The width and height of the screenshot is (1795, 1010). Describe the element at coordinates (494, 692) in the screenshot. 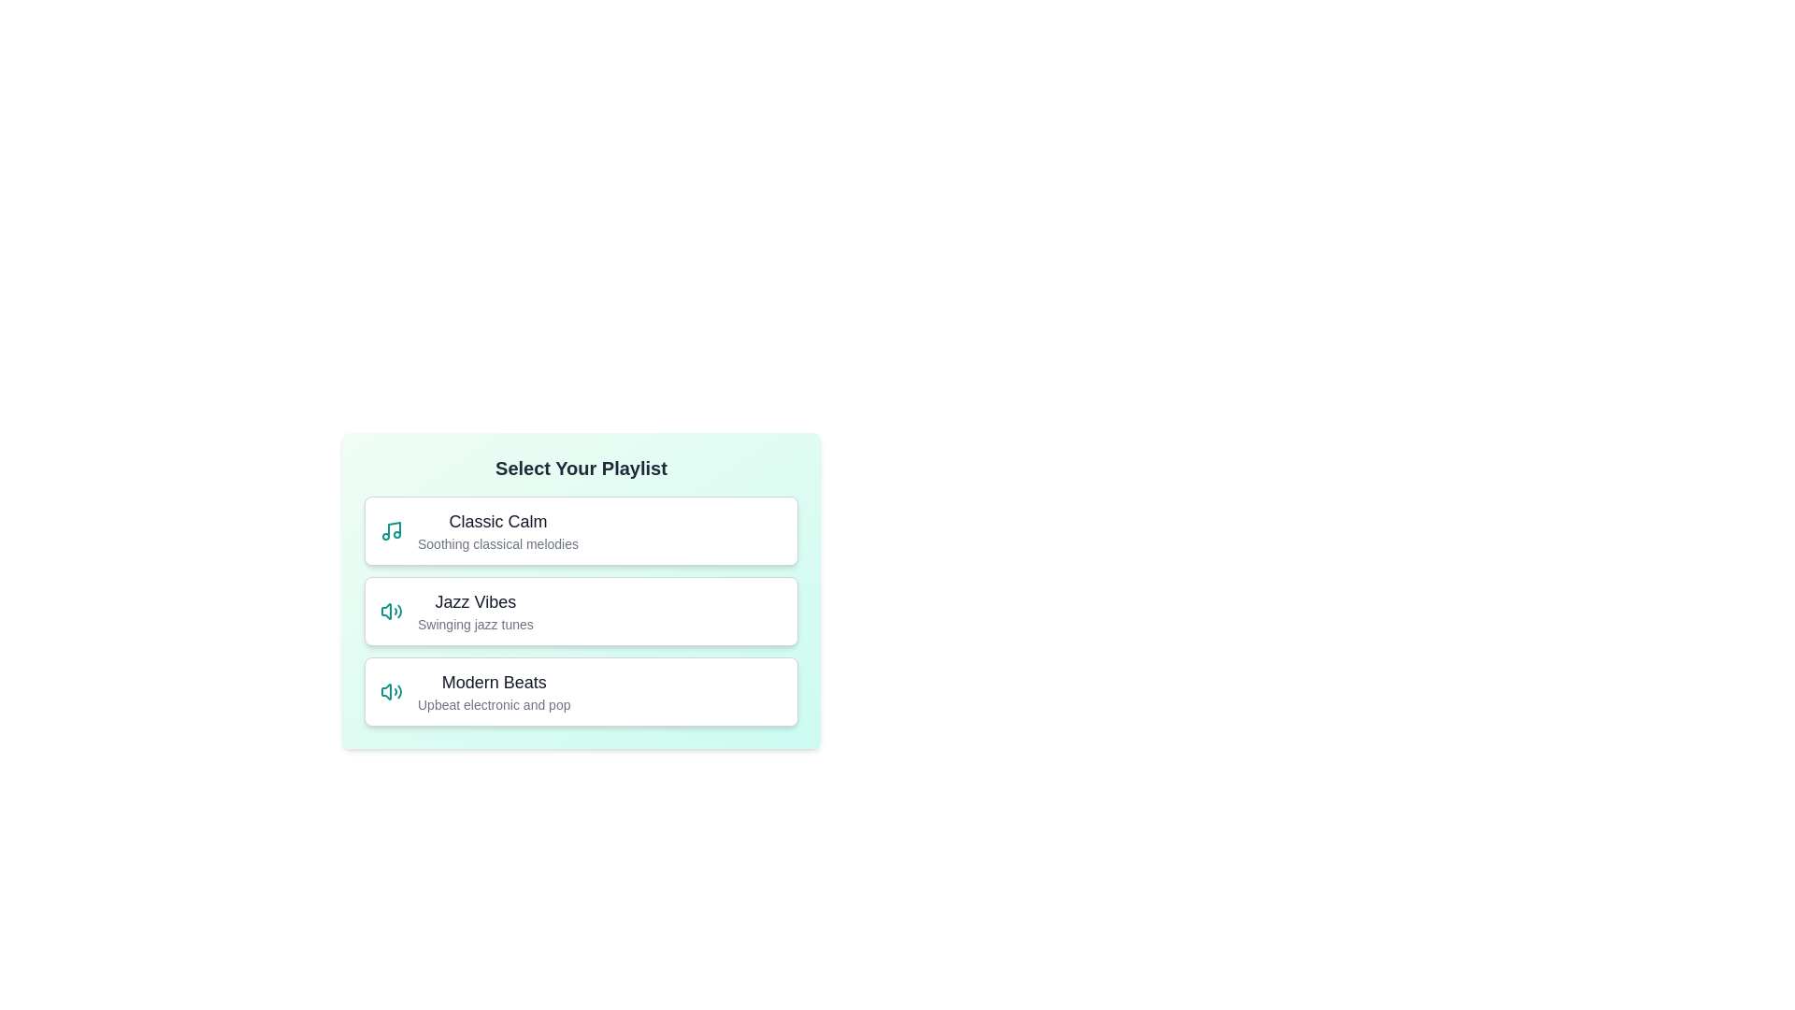

I see `the 'Modern Beats' selectable playlist option in the playlist options list, which is the last item above a blank space in a bordered card` at that location.